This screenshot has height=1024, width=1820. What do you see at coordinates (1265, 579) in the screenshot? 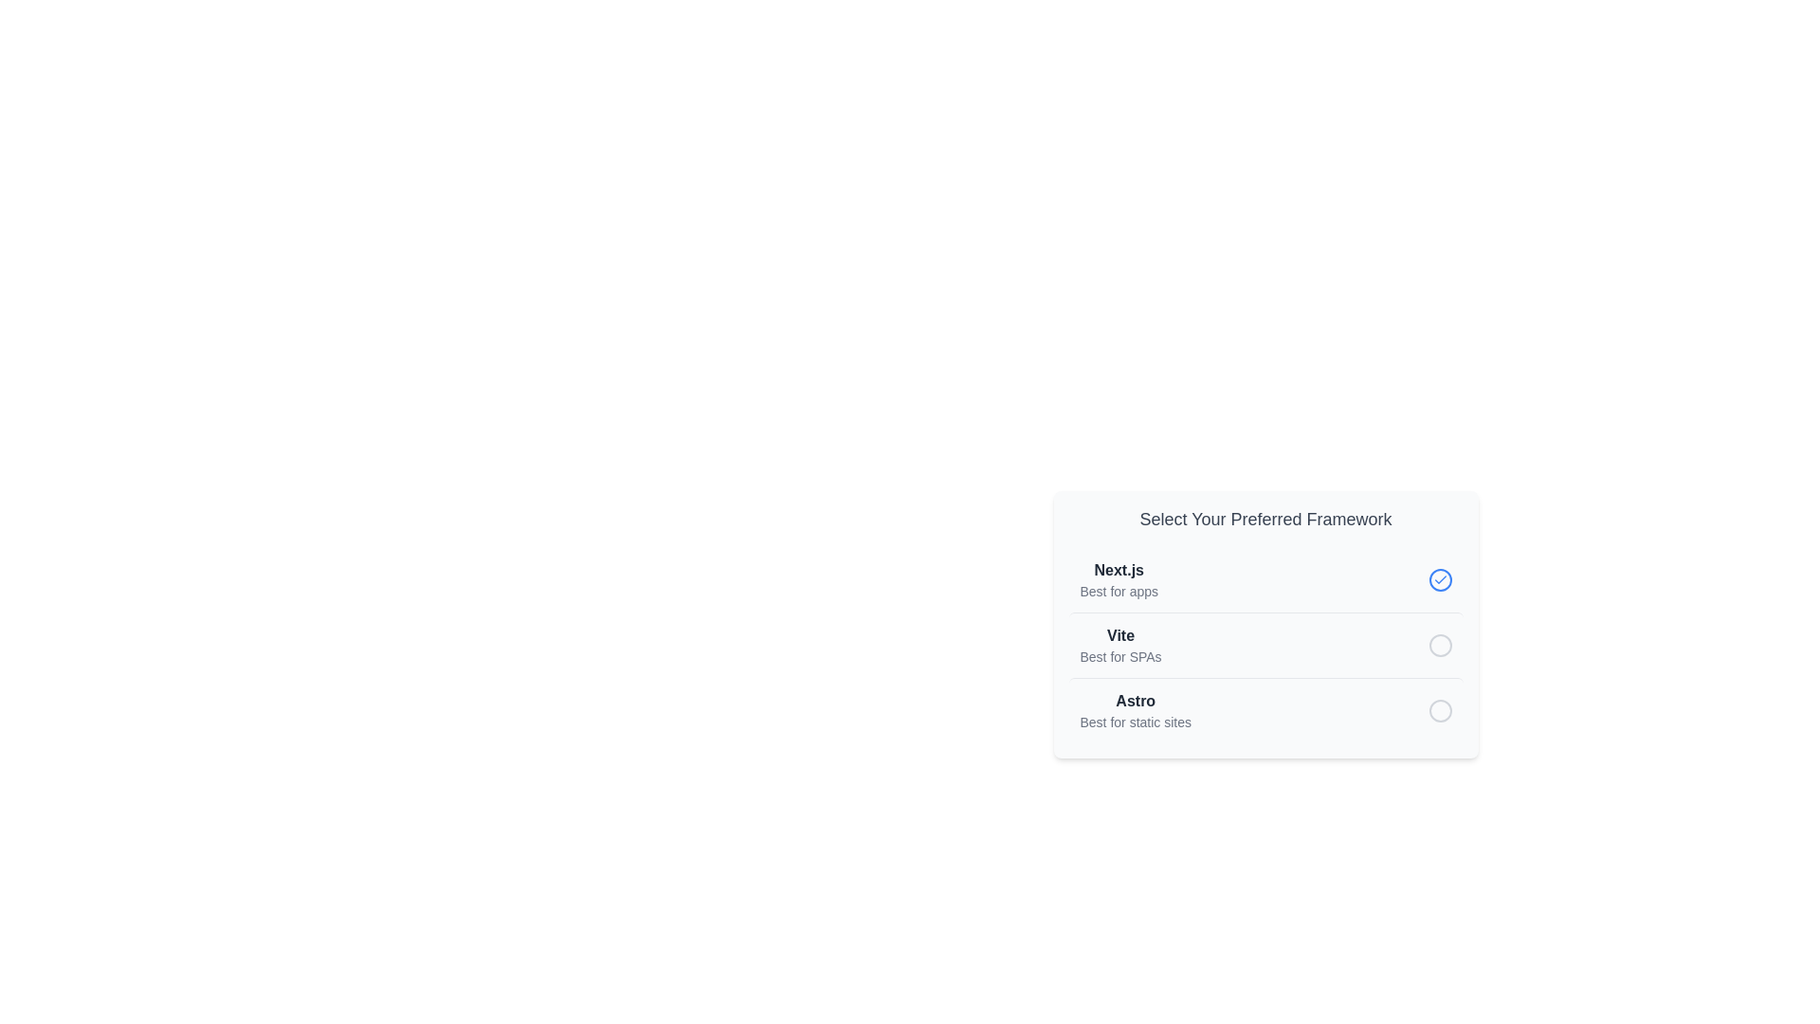
I see `the first selectable list item for choosing 'Next.js'` at bounding box center [1265, 579].